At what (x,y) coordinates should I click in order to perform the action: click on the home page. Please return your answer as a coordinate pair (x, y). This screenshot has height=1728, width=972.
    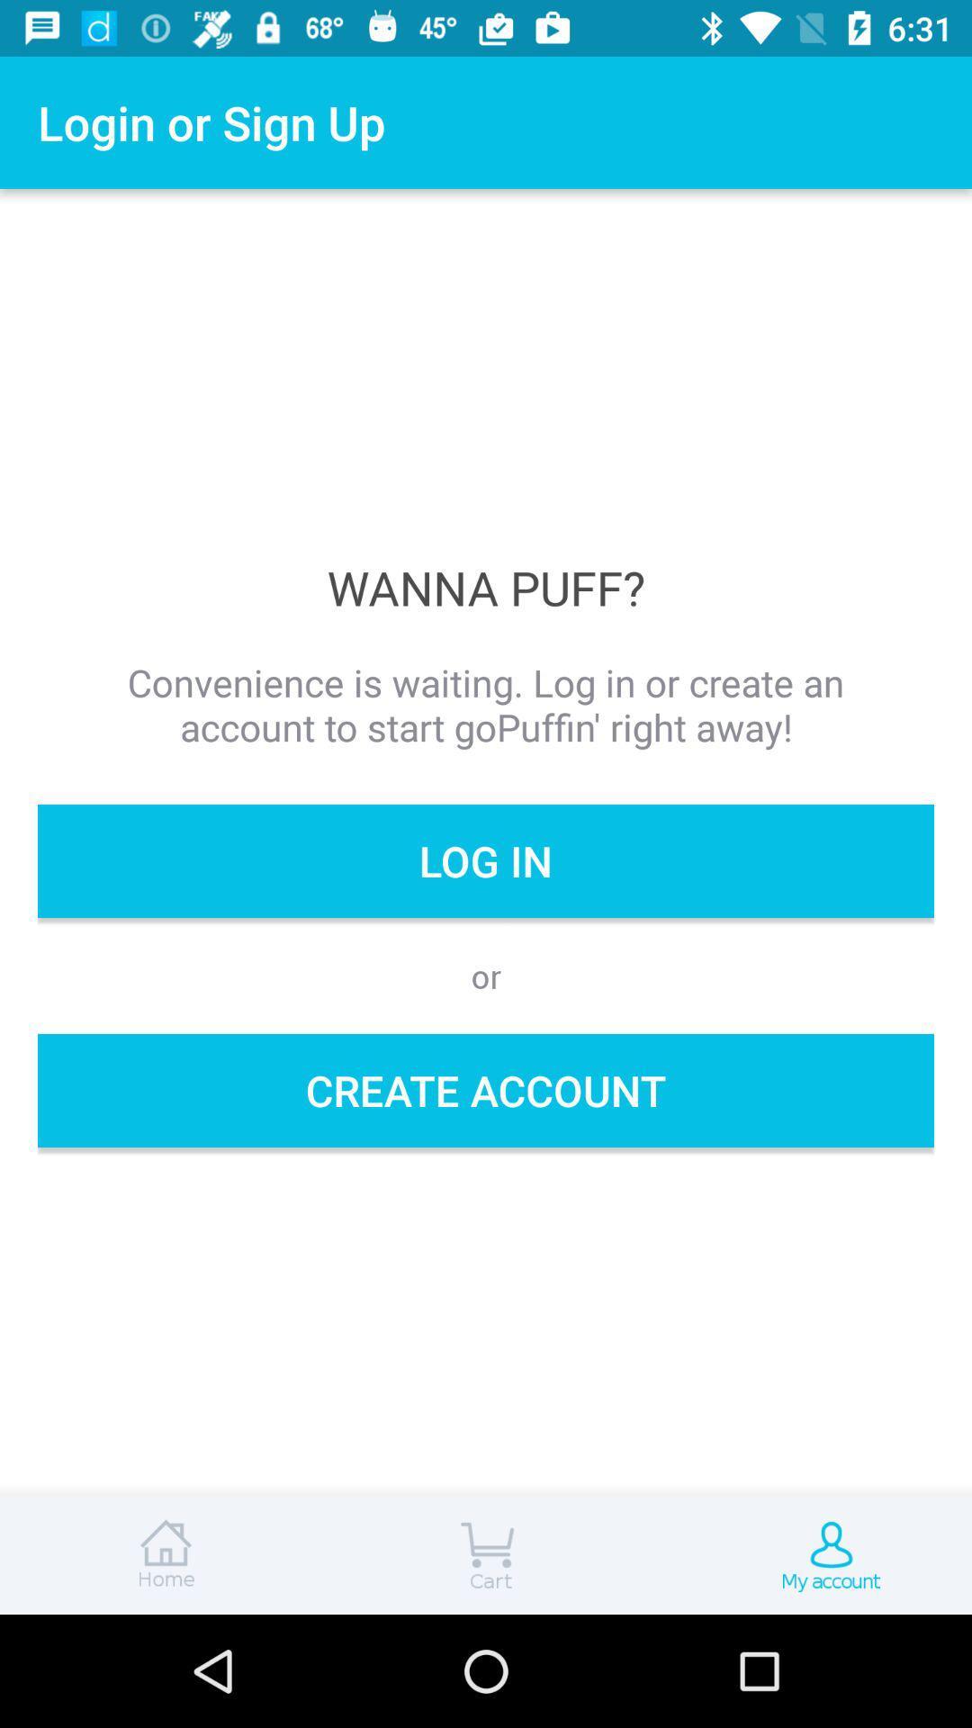
    Looking at the image, I should click on (162, 1554).